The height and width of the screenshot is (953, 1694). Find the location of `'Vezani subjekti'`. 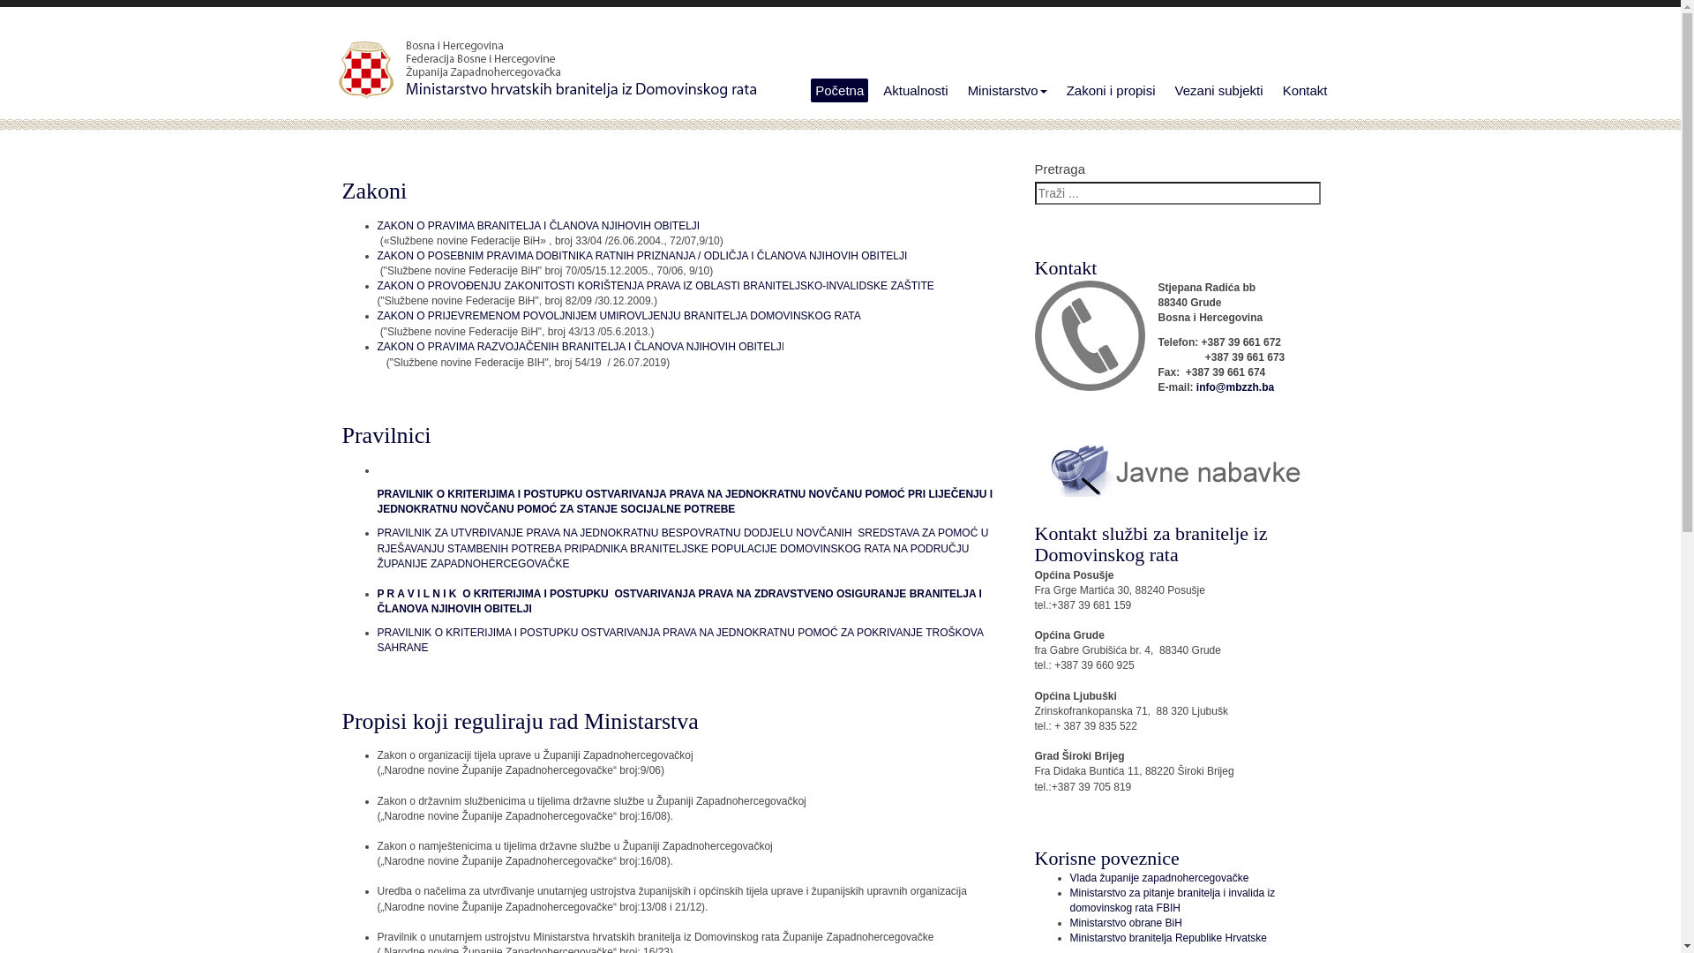

'Vezani subjekti' is located at coordinates (1218, 90).